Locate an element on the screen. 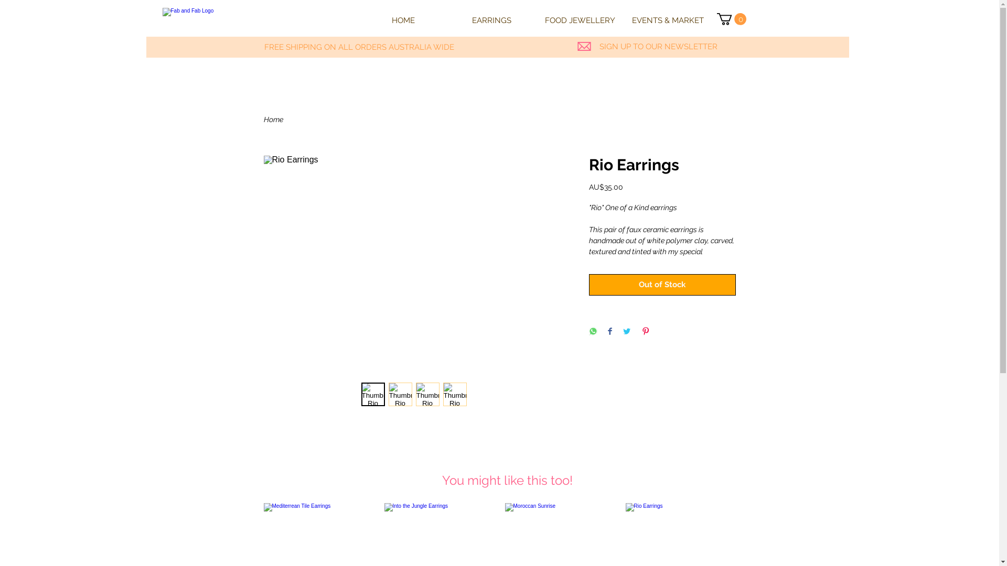  'Home' is located at coordinates (273, 118).